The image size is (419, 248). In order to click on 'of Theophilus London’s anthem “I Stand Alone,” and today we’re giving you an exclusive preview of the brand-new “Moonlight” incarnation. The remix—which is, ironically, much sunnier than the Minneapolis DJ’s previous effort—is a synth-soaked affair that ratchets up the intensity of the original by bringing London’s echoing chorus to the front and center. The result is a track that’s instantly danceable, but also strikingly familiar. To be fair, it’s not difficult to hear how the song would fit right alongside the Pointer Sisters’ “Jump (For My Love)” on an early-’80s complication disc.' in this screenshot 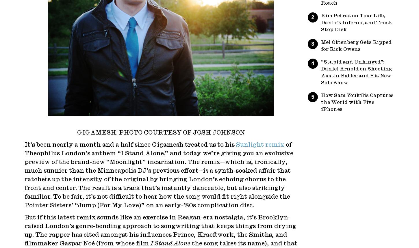, I will do `click(159, 175)`.